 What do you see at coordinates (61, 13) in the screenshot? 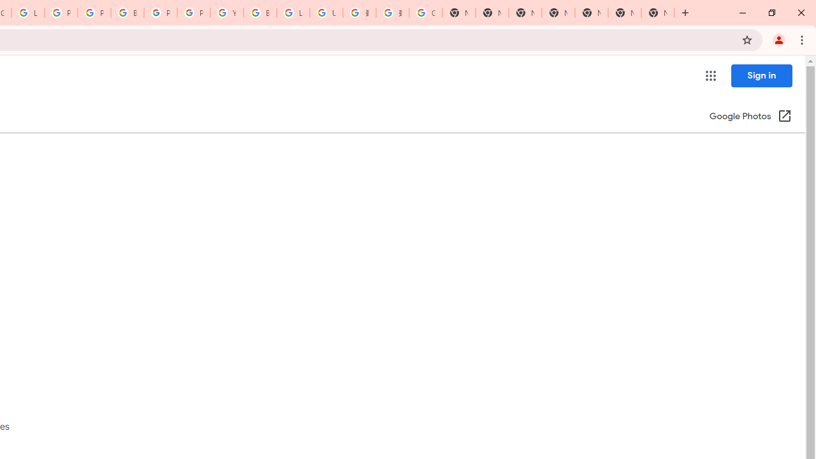
I see `'Privacy Help Center - Policies Help'` at bounding box center [61, 13].